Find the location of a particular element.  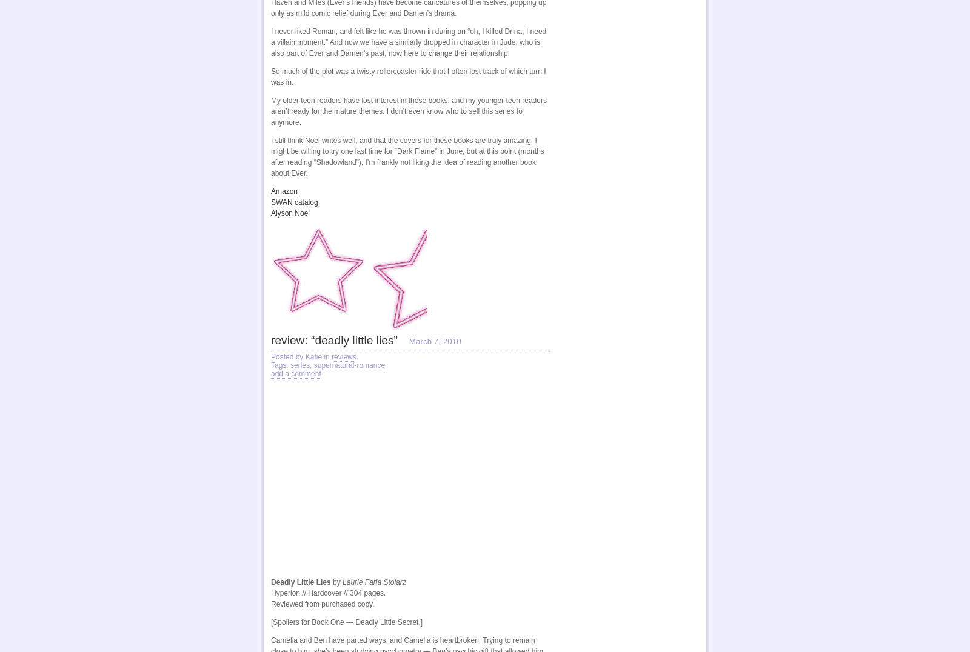

'I still think Noel writes well, and that the covers for these books are truly amazing. I might be willing to try one last time for “Dark Flame” in June, but at this point (months after reading “Shadowland”), I’m frankly not liking the idea of reading another book about Ever.' is located at coordinates (407, 156).